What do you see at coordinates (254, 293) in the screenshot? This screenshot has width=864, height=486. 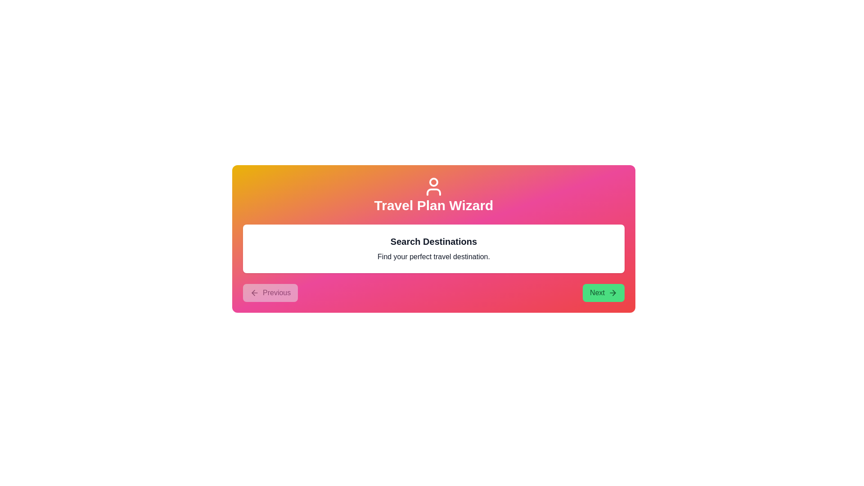 I see `the SVG arrow icon representing navigation to the previous step, located inside the 'Previous' button at the bottom-left of the card` at bounding box center [254, 293].